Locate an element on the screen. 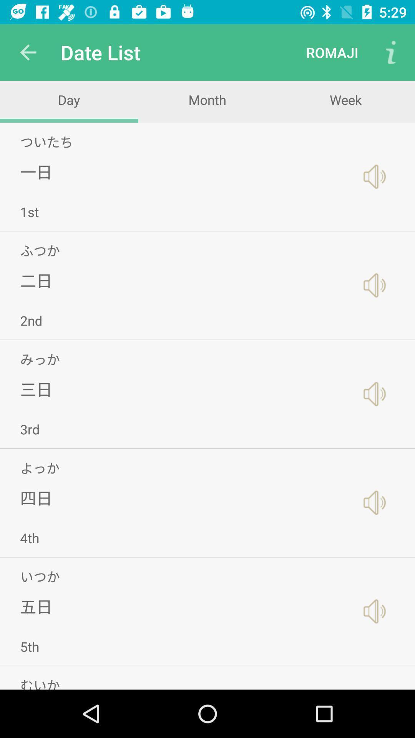 The height and width of the screenshot is (738, 415). the icon above the day app is located at coordinates (28, 52).